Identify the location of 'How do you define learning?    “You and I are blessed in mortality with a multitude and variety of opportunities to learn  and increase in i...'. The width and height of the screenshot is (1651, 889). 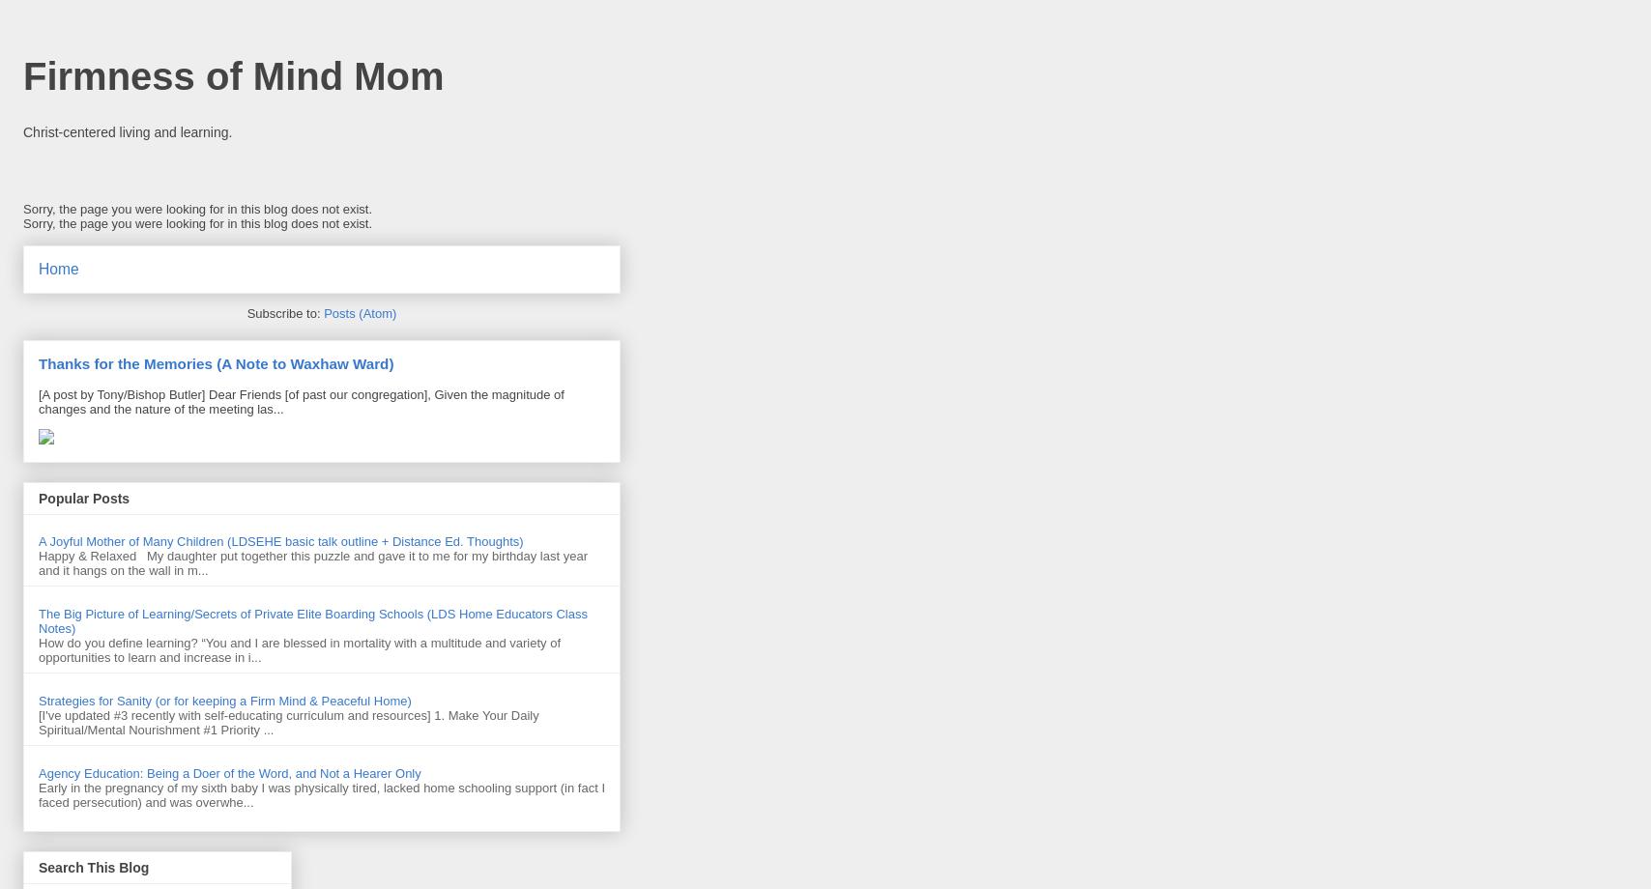
(300, 648).